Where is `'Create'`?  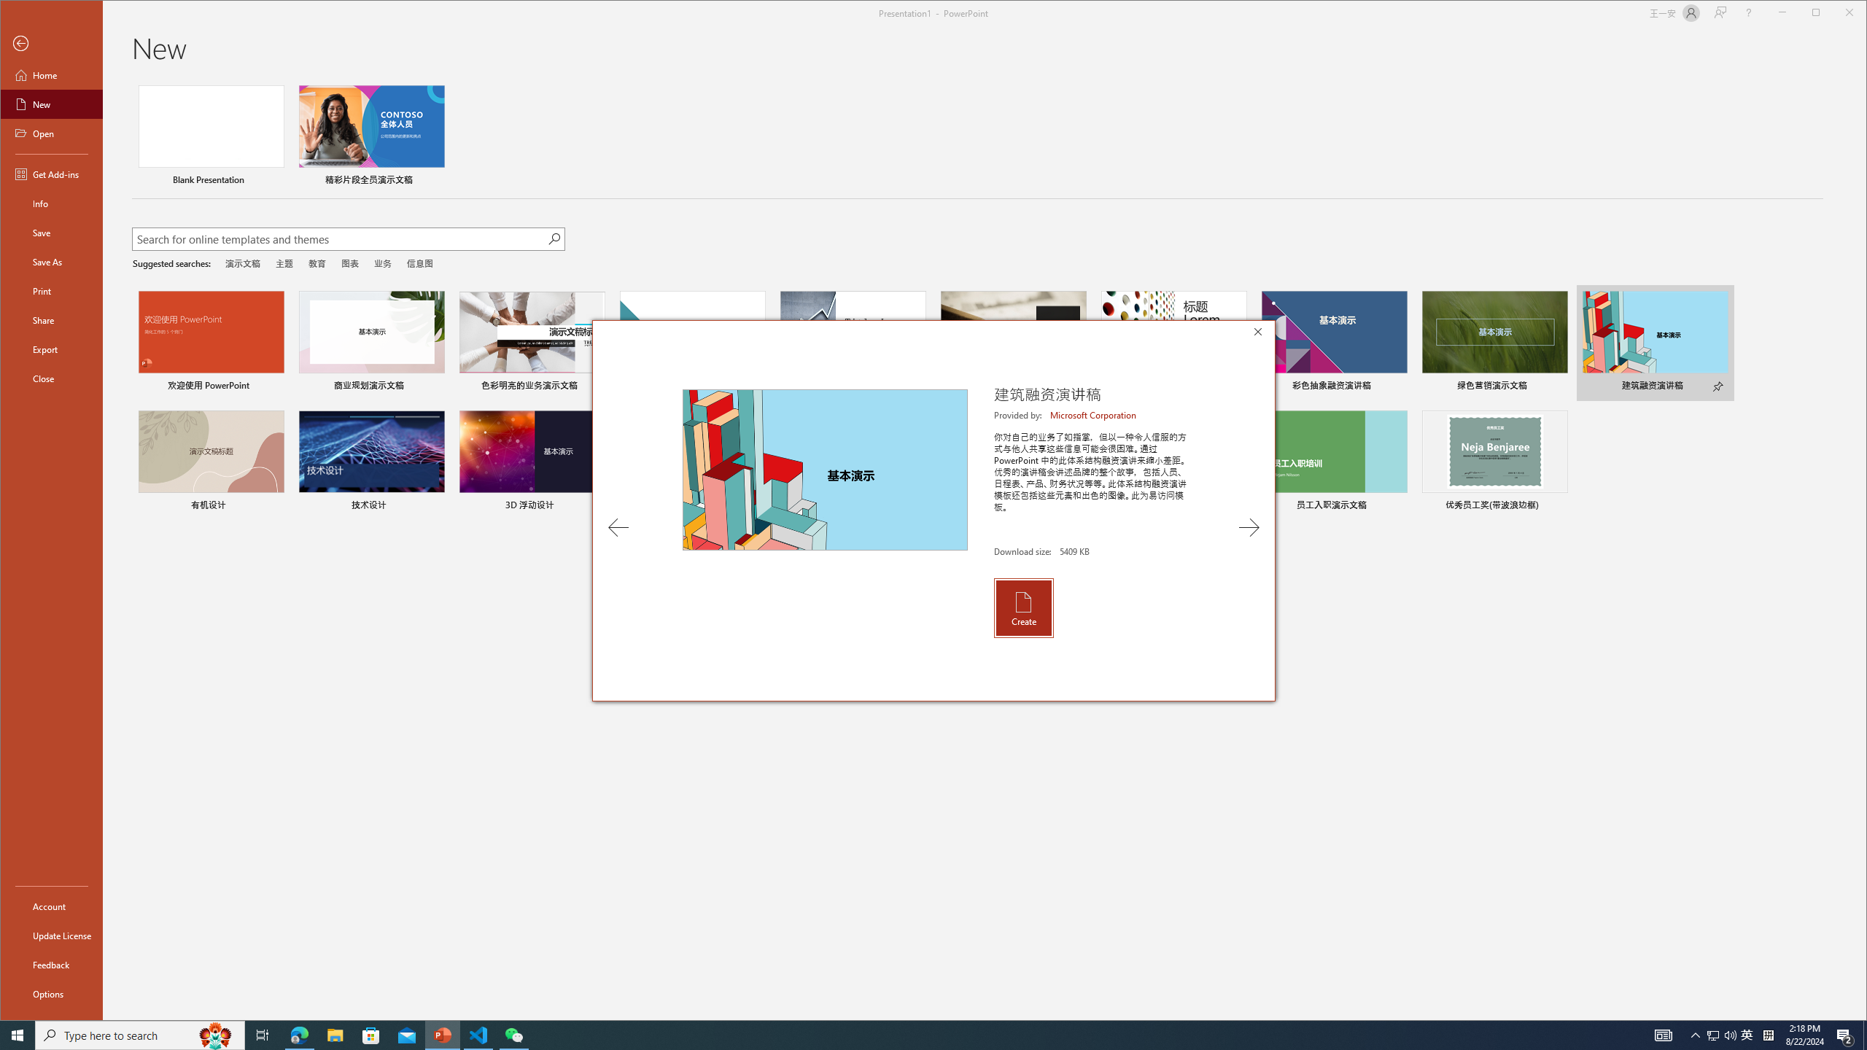
'Create' is located at coordinates (1022, 608).